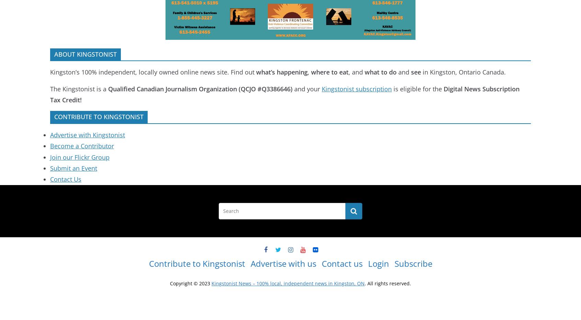 This screenshot has height=320, width=581. What do you see at coordinates (73, 168) in the screenshot?
I see `'Submit an Event'` at bounding box center [73, 168].